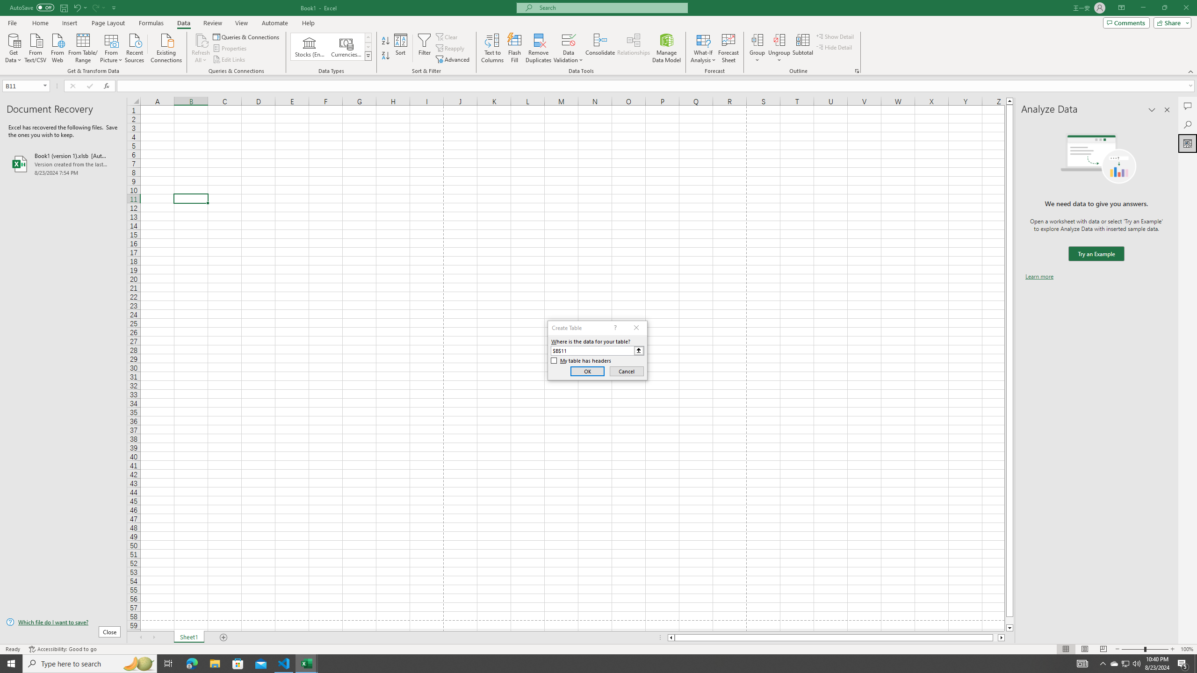 This screenshot has width=1197, height=673. I want to click on 'Page Break Preview', so click(1103, 649).